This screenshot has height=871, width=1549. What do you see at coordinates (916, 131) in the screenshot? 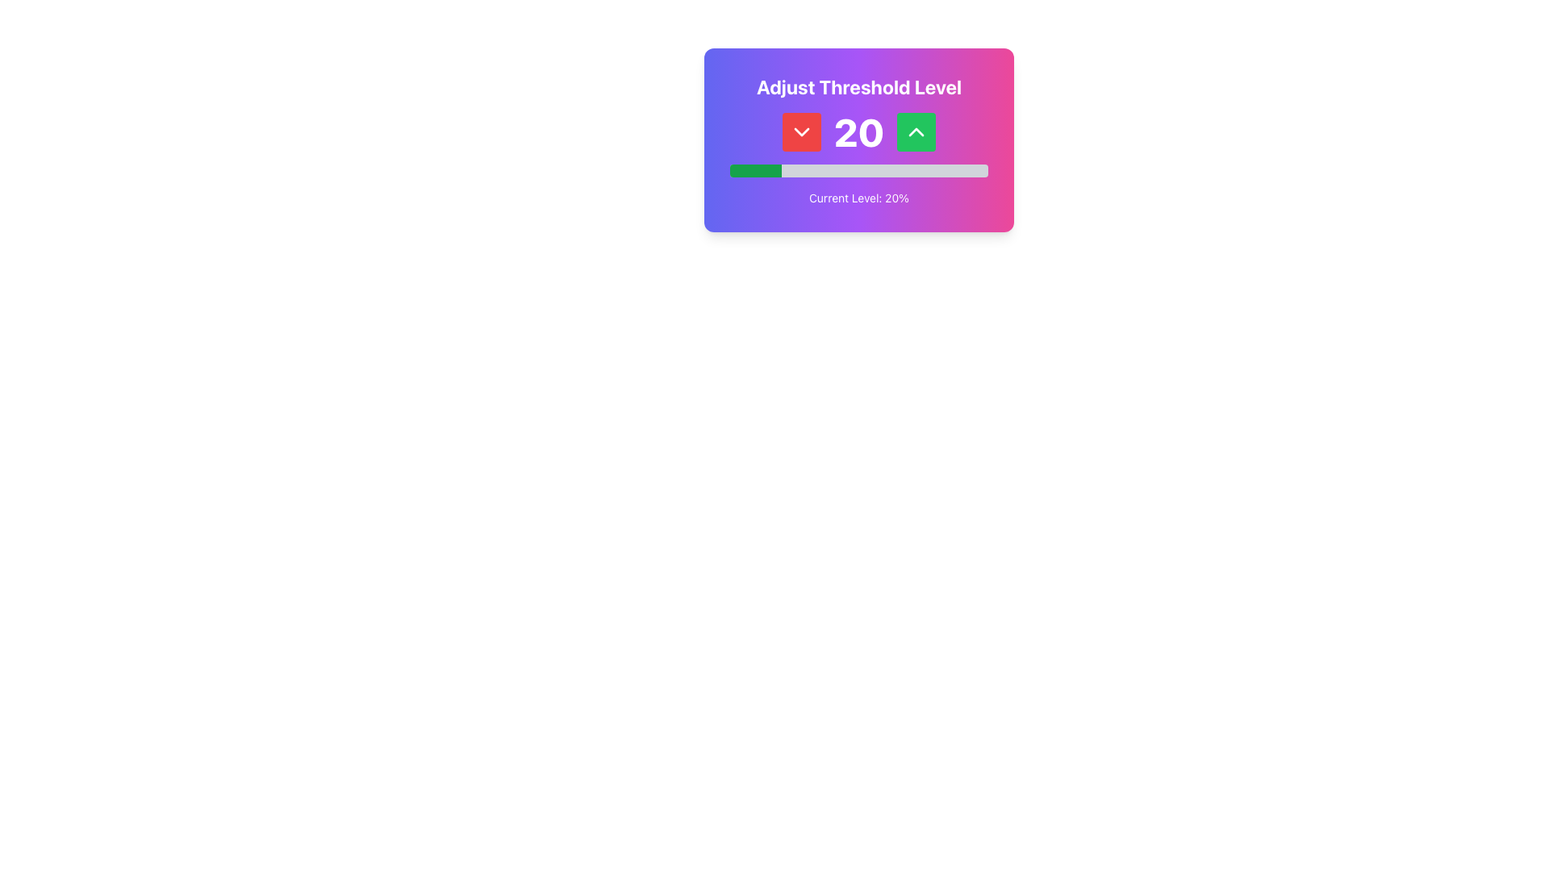
I see `the upward-pointing chevron icon button, which is rendered in white and surrounded by a green circular button, to increment the threshold` at bounding box center [916, 131].